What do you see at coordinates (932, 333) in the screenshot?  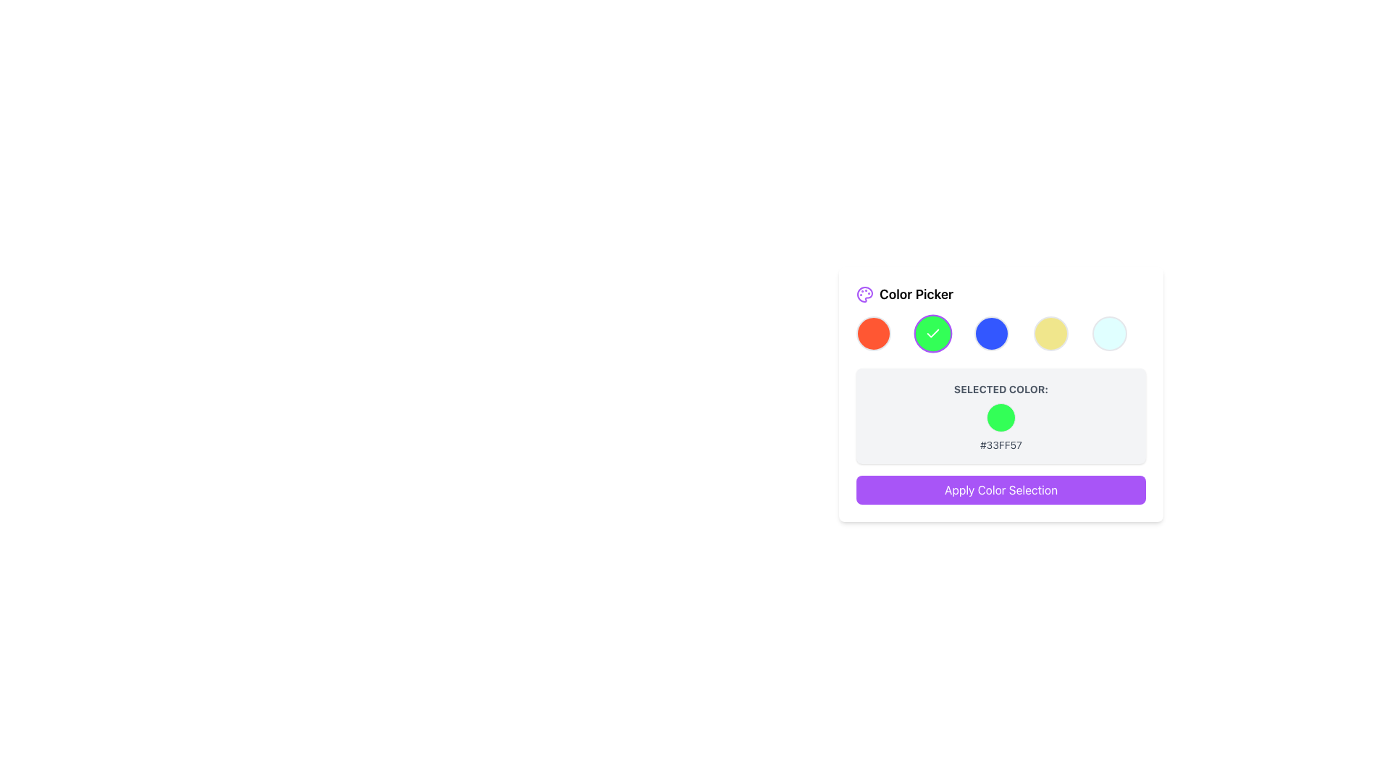 I see `the graphical indicator (check mark) within the green circle of the color picker` at bounding box center [932, 333].